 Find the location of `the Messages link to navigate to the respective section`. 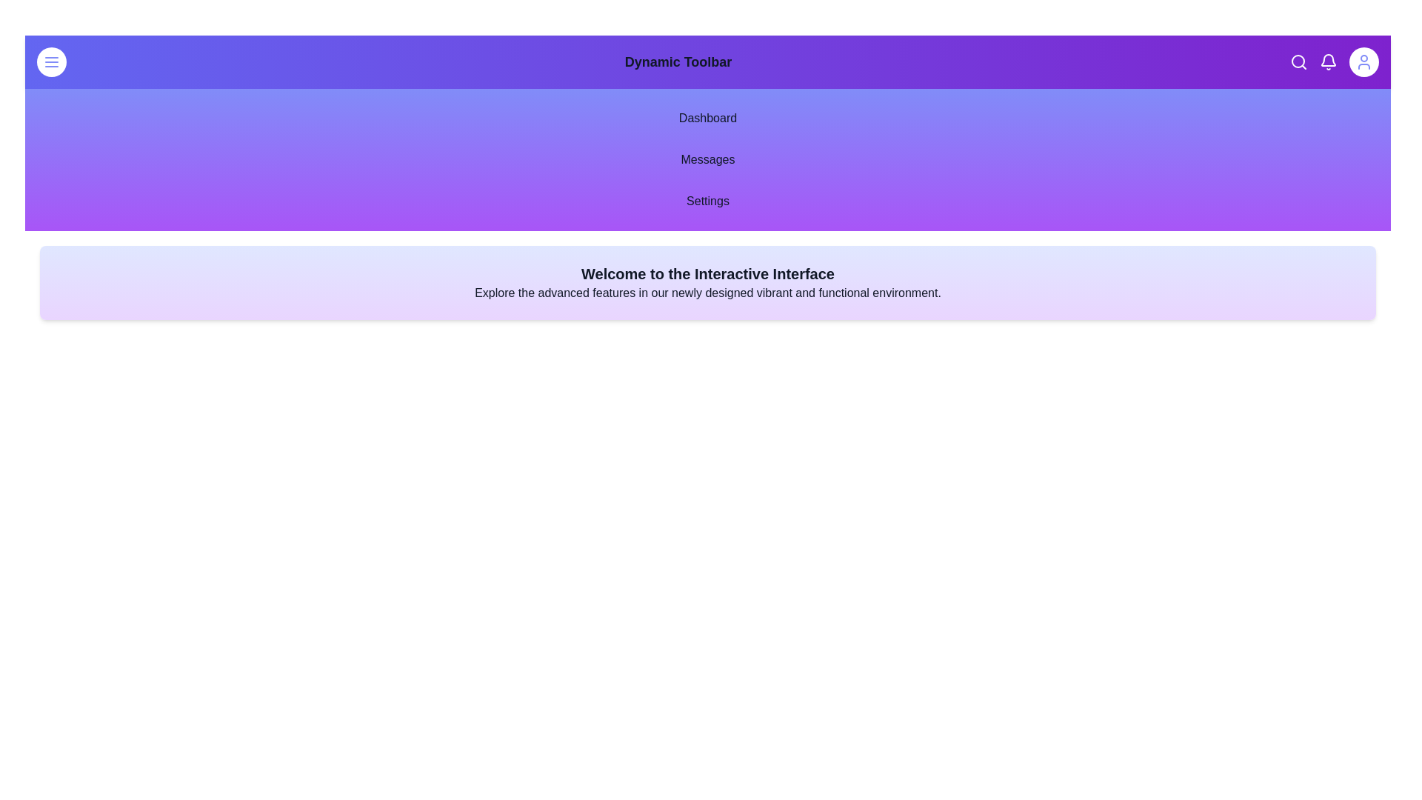

the Messages link to navigate to the respective section is located at coordinates (707, 160).